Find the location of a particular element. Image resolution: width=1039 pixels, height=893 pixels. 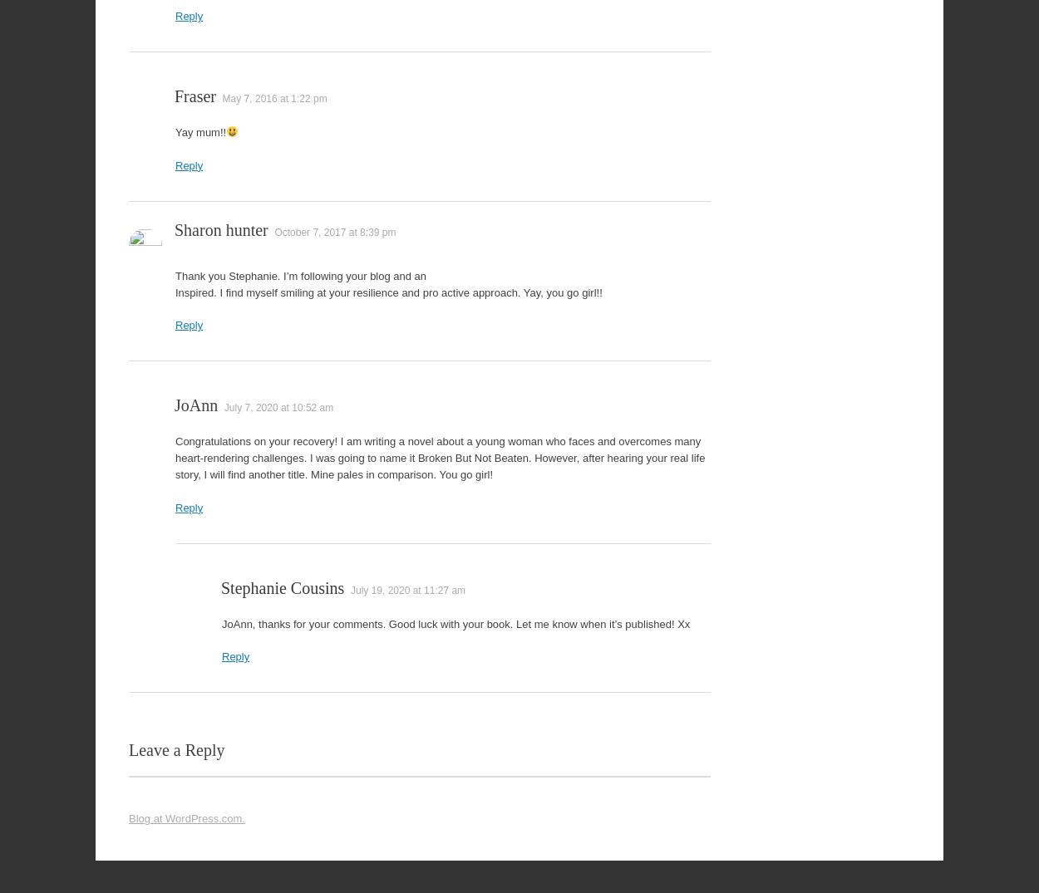

'JoAnn' is located at coordinates (195, 405).